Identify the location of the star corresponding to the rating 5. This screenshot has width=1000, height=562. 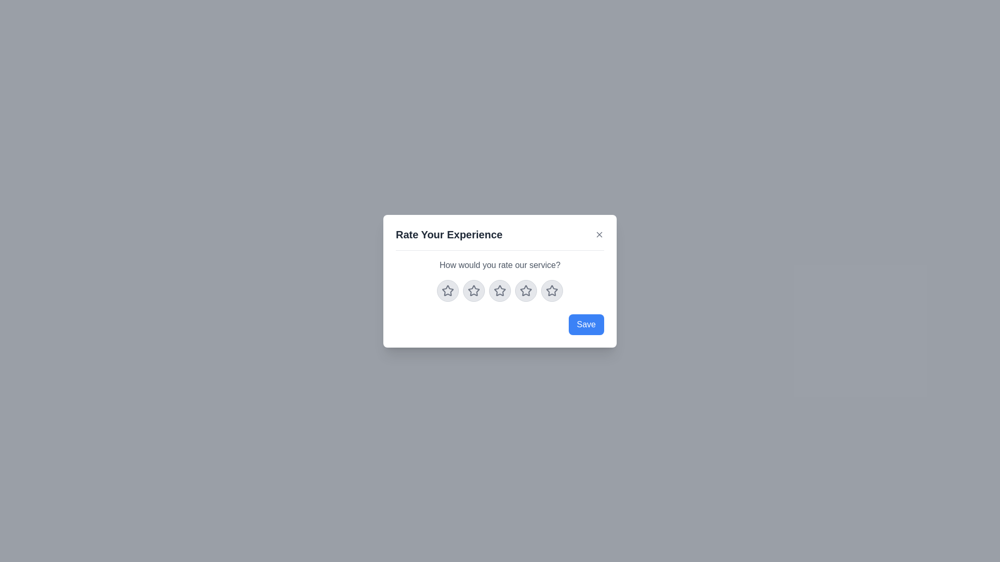
(552, 290).